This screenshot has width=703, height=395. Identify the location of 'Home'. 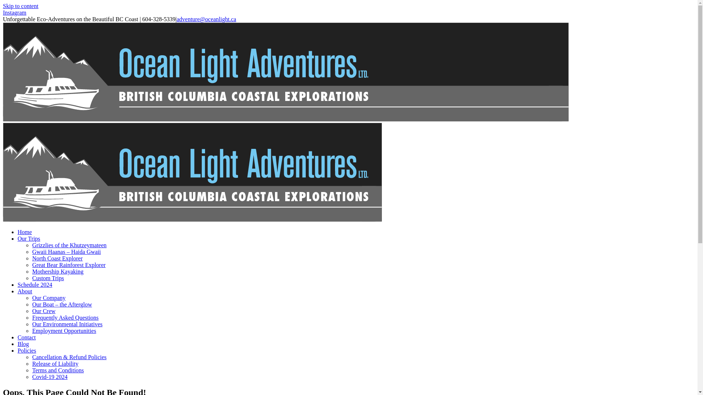
(25, 232).